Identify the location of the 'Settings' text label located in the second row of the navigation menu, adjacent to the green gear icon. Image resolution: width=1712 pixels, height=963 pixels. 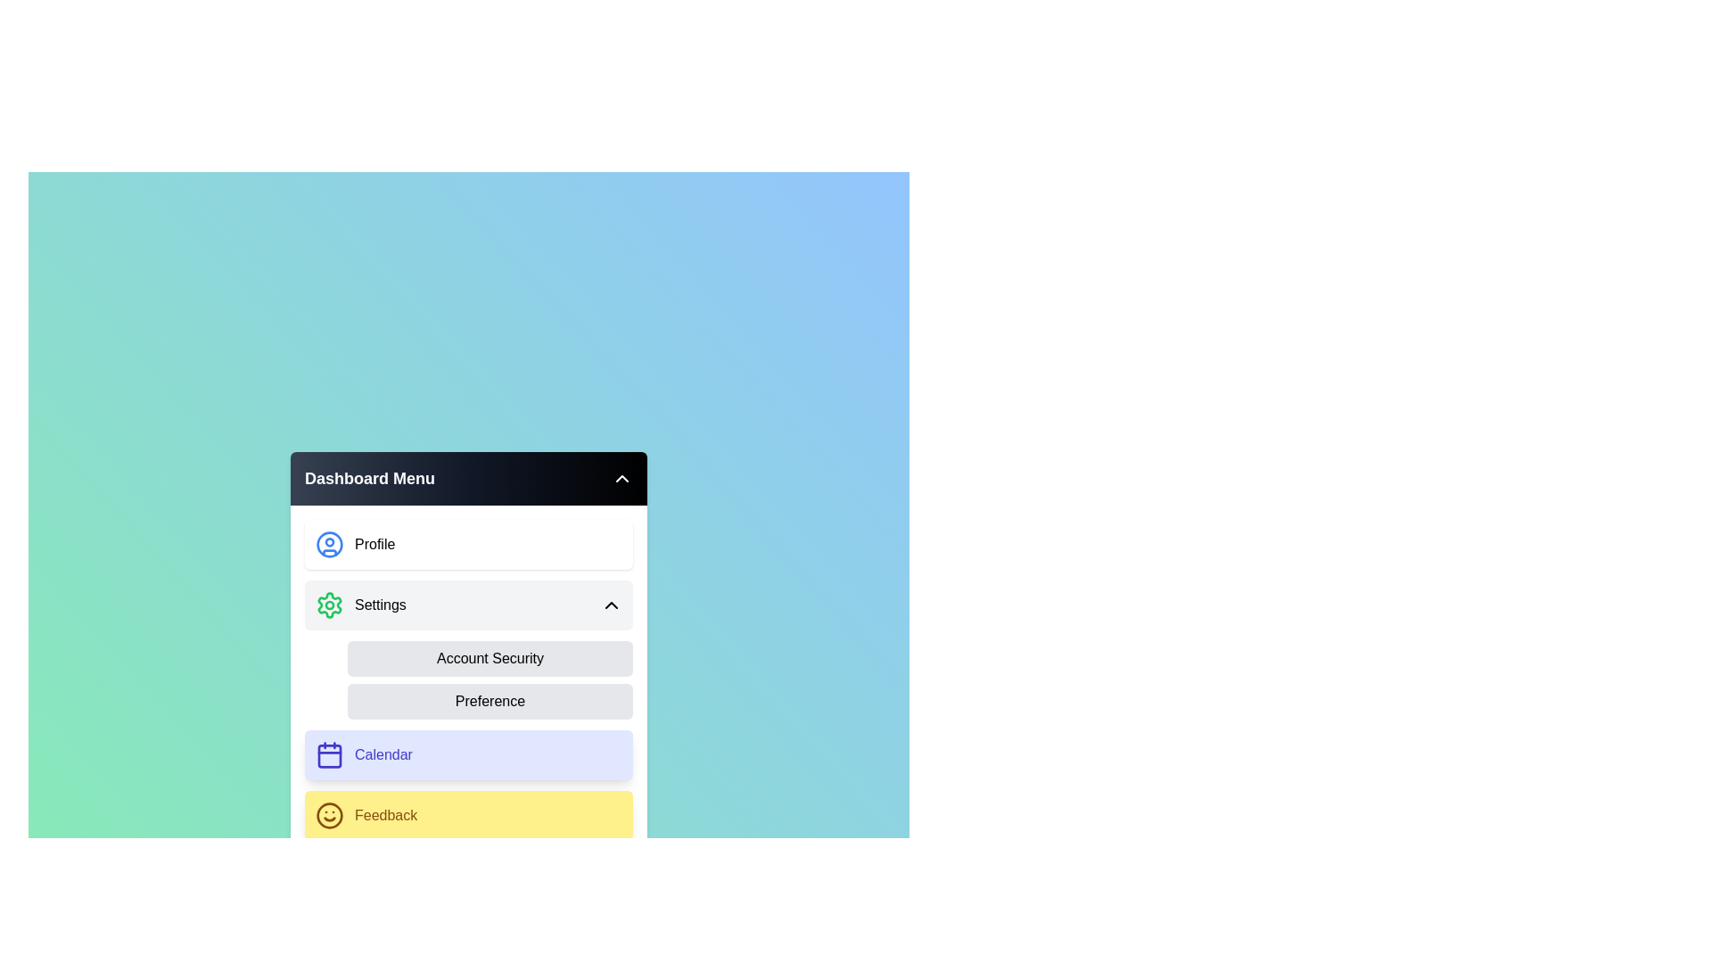
(379, 604).